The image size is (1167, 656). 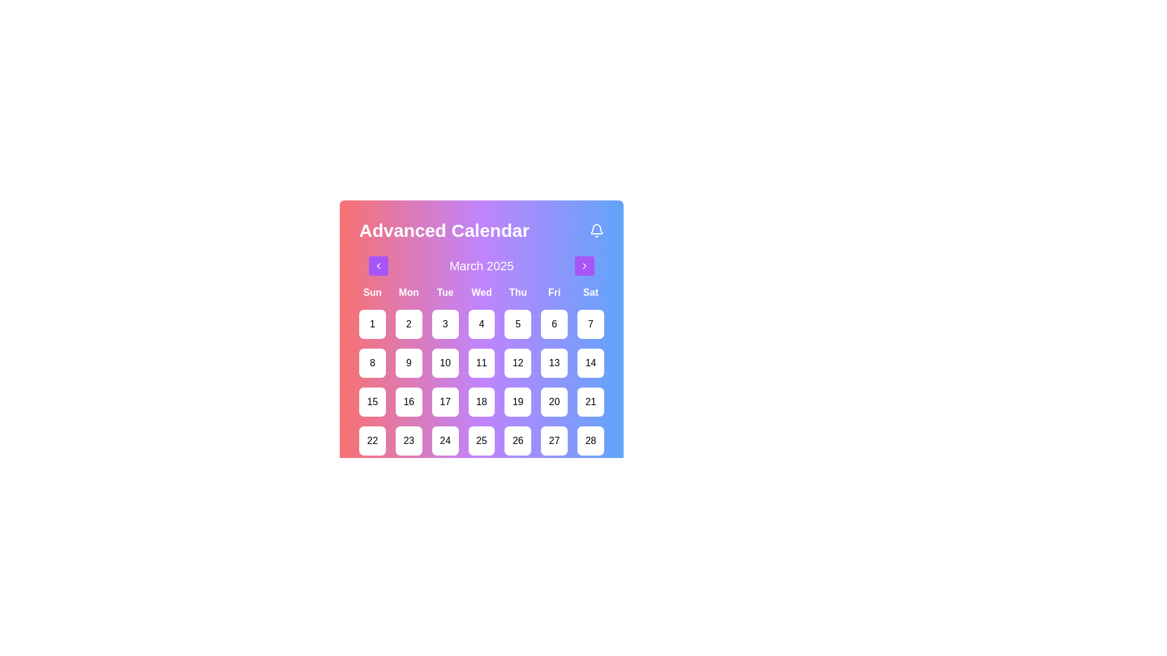 What do you see at coordinates (518, 293) in the screenshot?
I see `the label for Thursday in the weekday header of the calendar, which is located between 'Wed' and 'Fri'` at bounding box center [518, 293].